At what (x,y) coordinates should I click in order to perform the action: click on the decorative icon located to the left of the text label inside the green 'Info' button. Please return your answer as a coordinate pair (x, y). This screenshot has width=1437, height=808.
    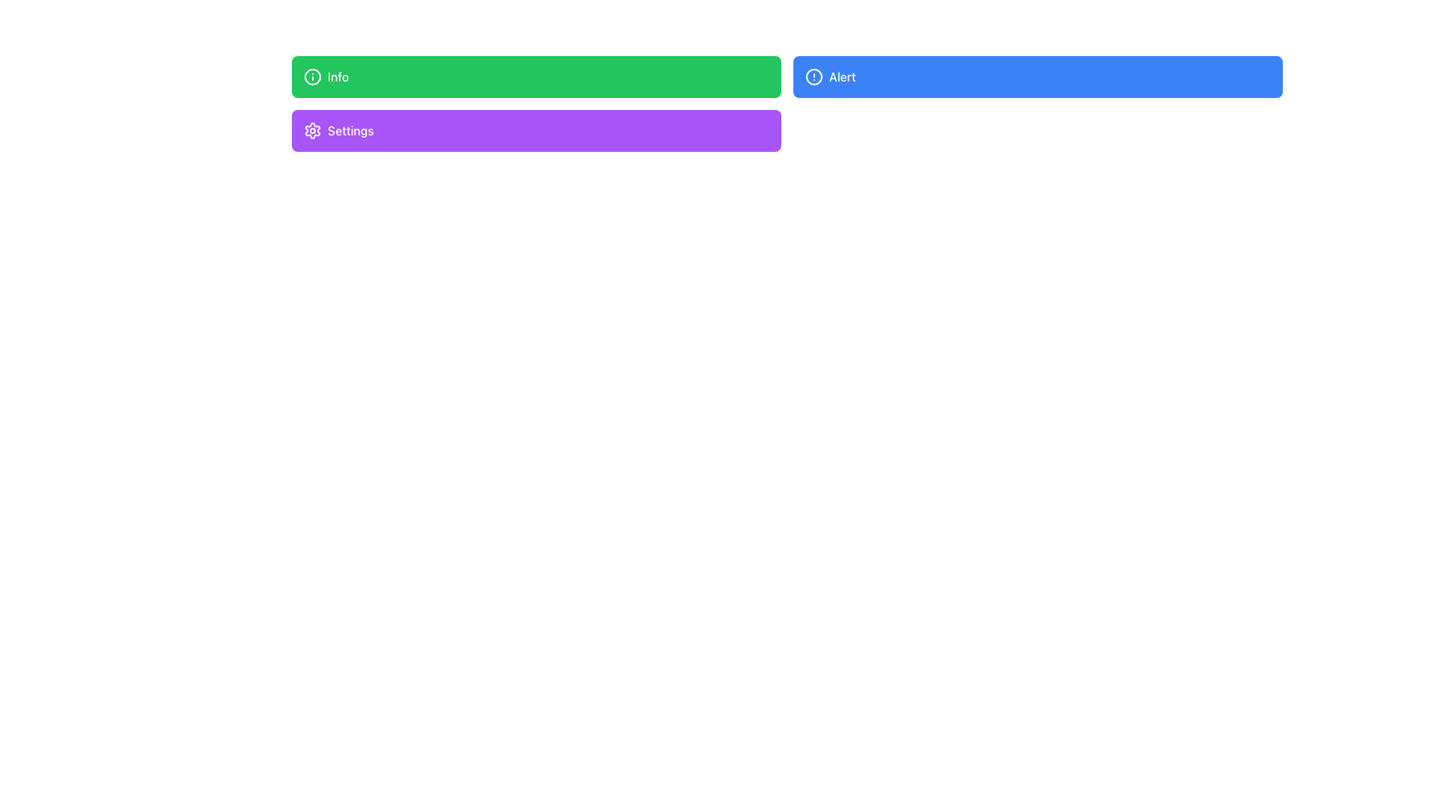
    Looking at the image, I should click on (311, 77).